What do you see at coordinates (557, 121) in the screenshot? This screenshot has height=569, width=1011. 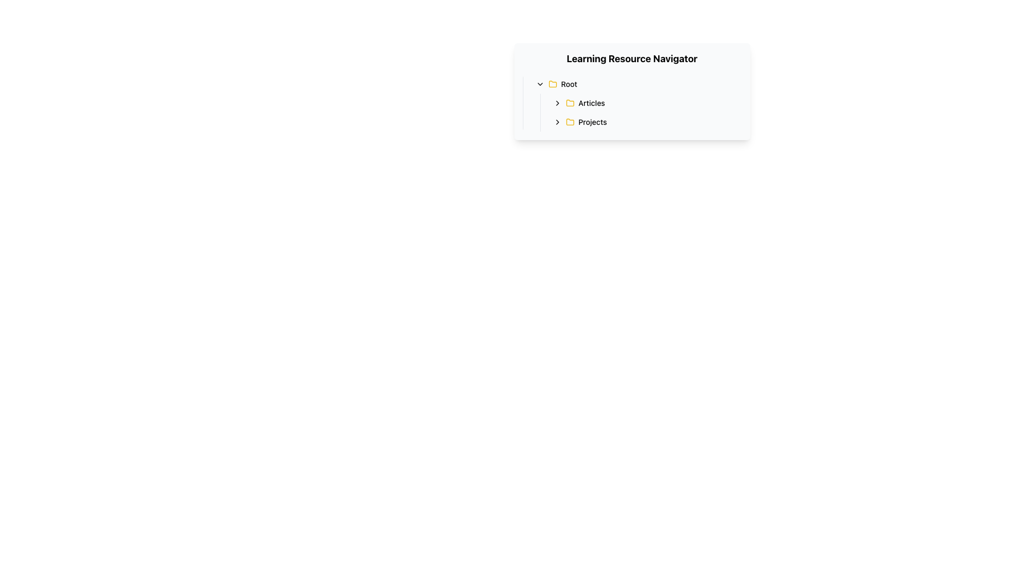 I see `the rightward-pointing chevron icon located to the immediate left of the Projects label in the navigation panel` at bounding box center [557, 121].